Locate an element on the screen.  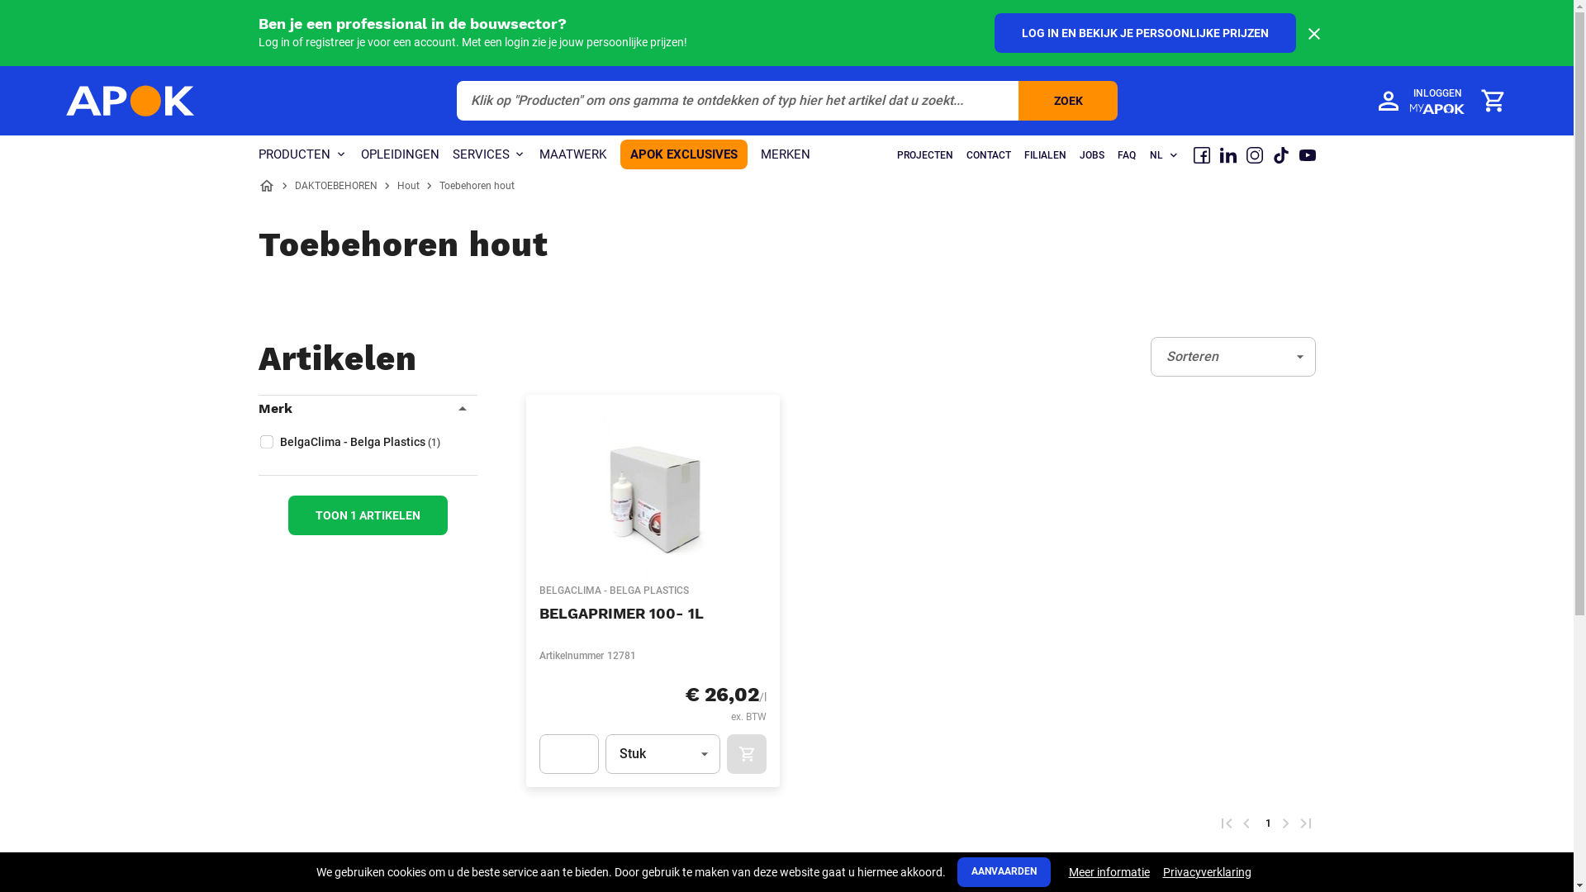
'INLOGGEN' is located at coordinates (1418, 101).